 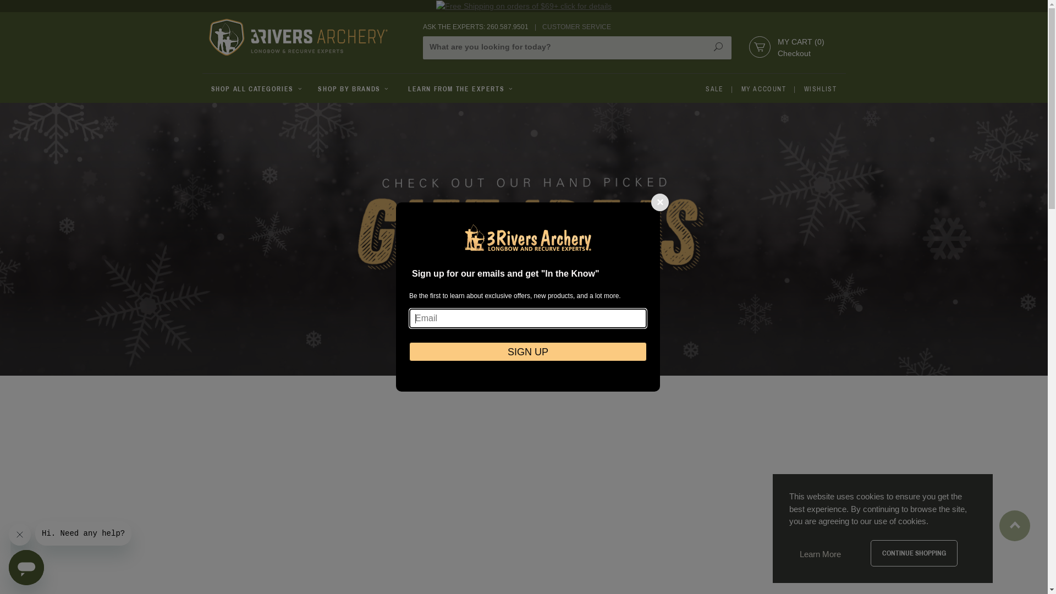 I want to click on 'Learn More', so click(x=800, y=554).